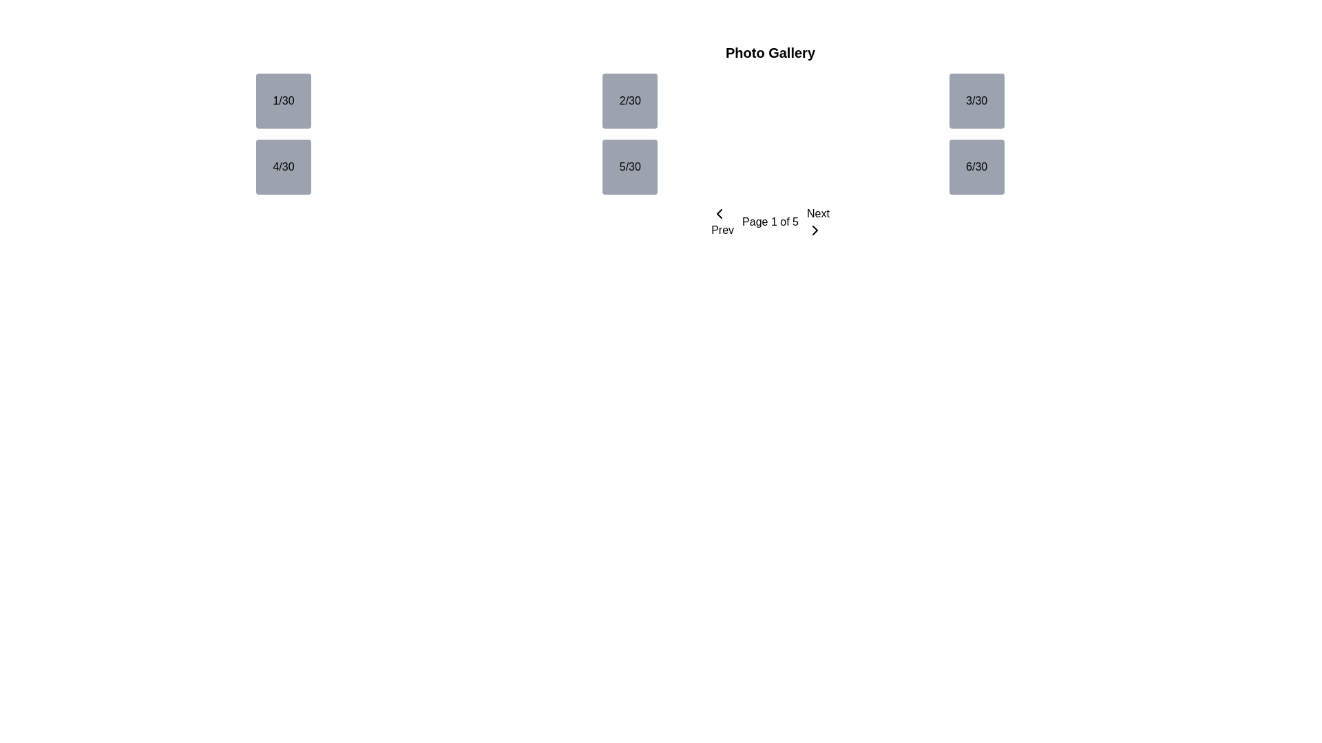 The image size is (1322, 743). Describe the element at coordinates (719, 214) in the screenshot. I see `the 'Prev' button icon located at the bottom left section of the interface` at that location.